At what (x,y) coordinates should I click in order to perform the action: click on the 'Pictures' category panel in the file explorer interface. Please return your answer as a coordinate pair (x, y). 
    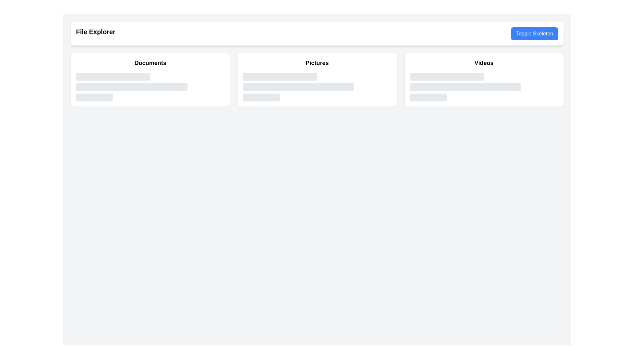
    Looking at the image, I should click on (317, 80).